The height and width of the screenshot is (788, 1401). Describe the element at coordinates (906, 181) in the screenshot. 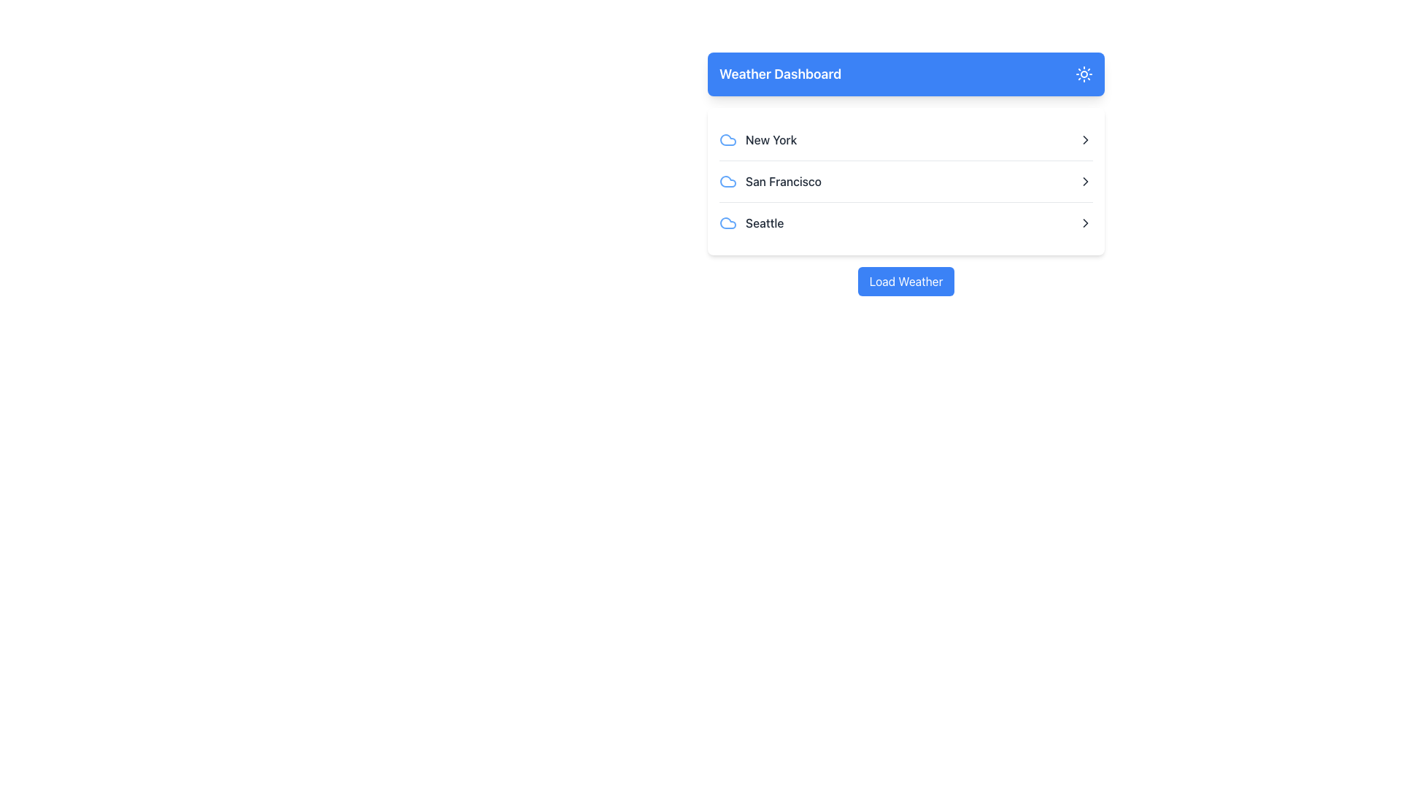

I see `the weather list item for San Francisco located in the center of the dashboard interface` at that location.